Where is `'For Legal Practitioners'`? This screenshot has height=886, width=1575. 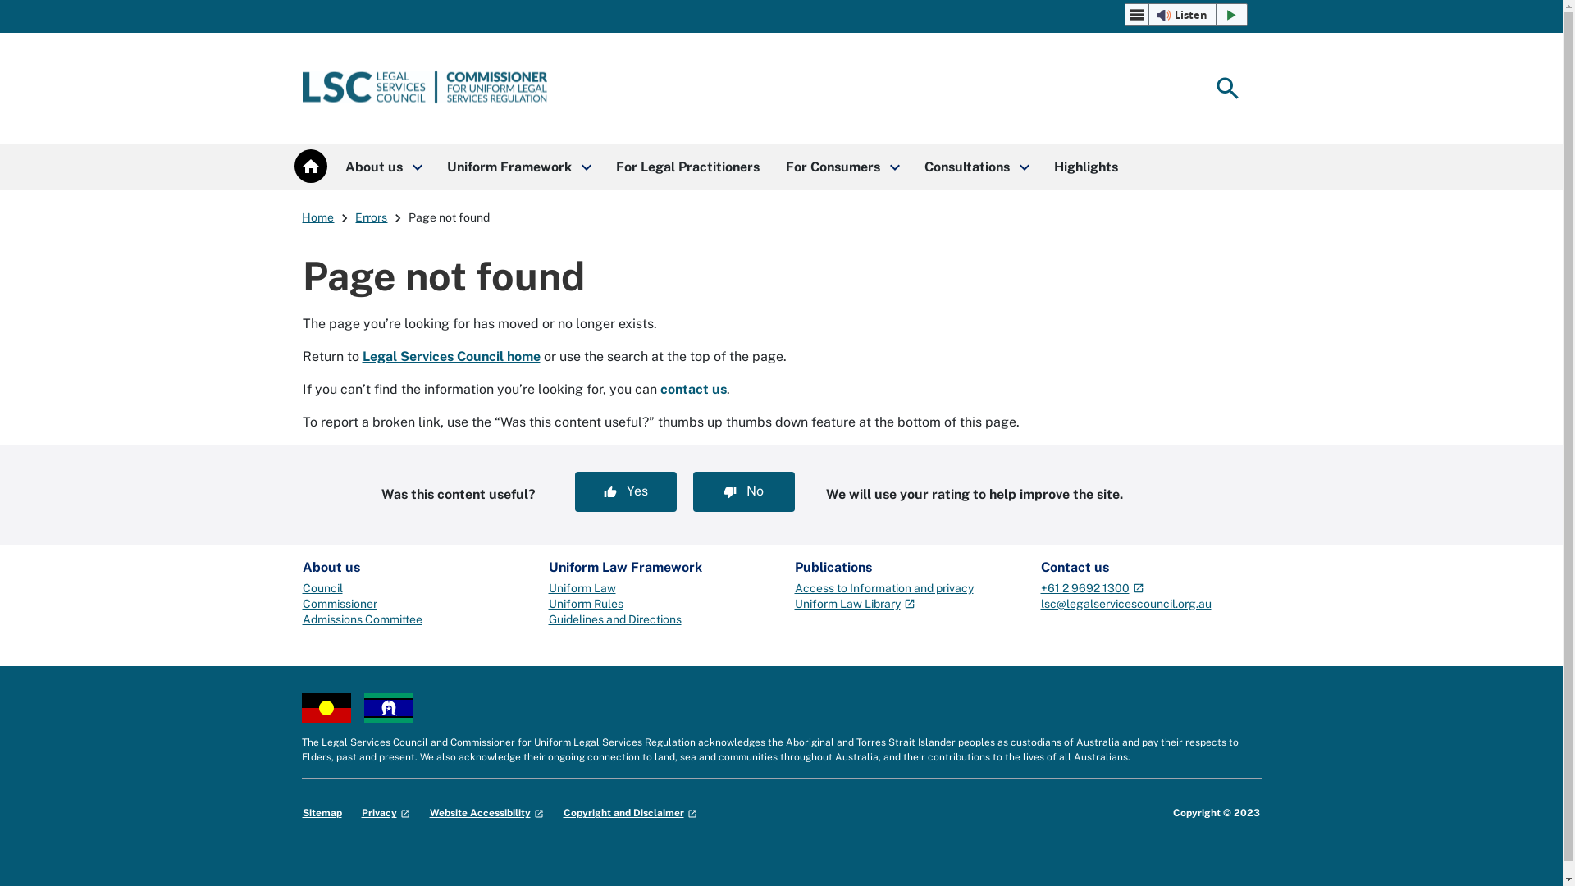 'For Legal Practitioners' is located at coordinates (687, 167).